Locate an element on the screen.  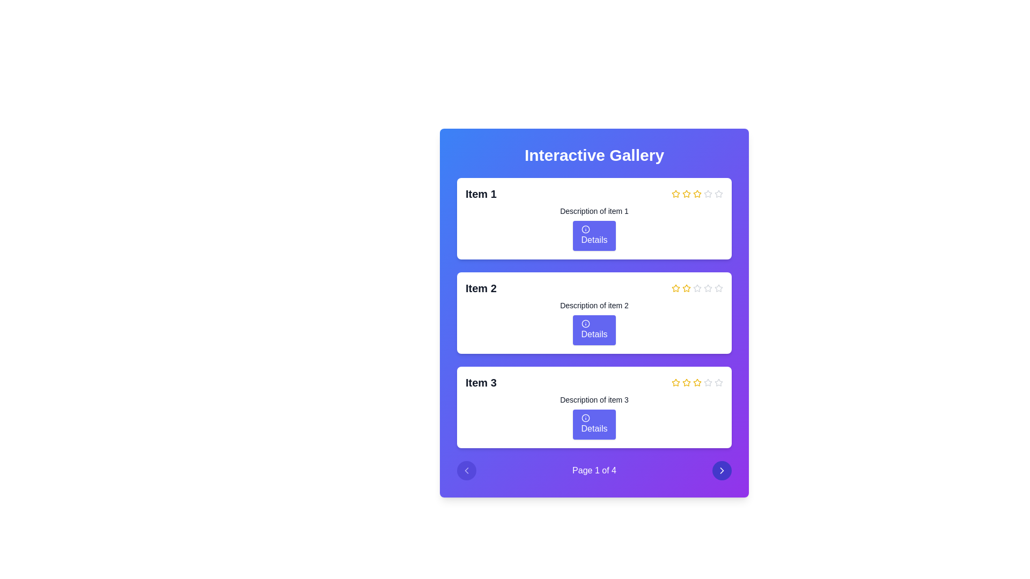
the text label stating 'Description of item 1', which is positioned below the 'Item 1' headline and above the 'Details' button is located at coordinates (594, 211).